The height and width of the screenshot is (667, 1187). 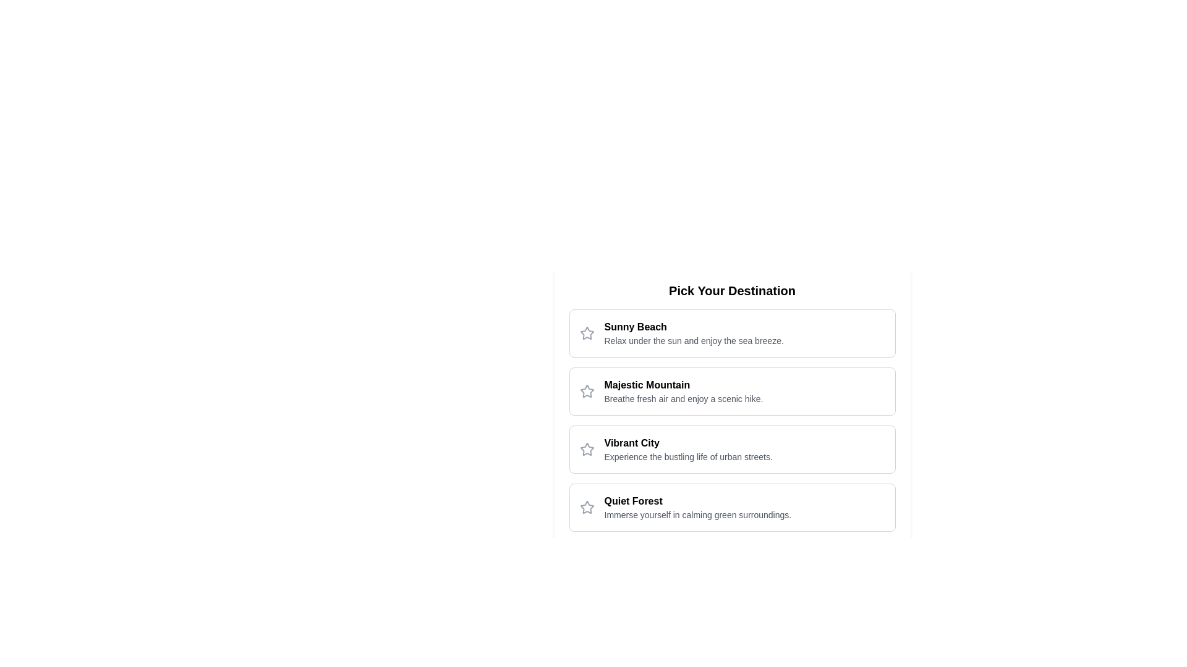 What do you see at coordinates (687, 450) in the screenshot?
I see `the text block that describes the destination option titled 'Vibrant City', which is located in the third selectable card in the vertical list of destinations` at bounding box center [687, 450].